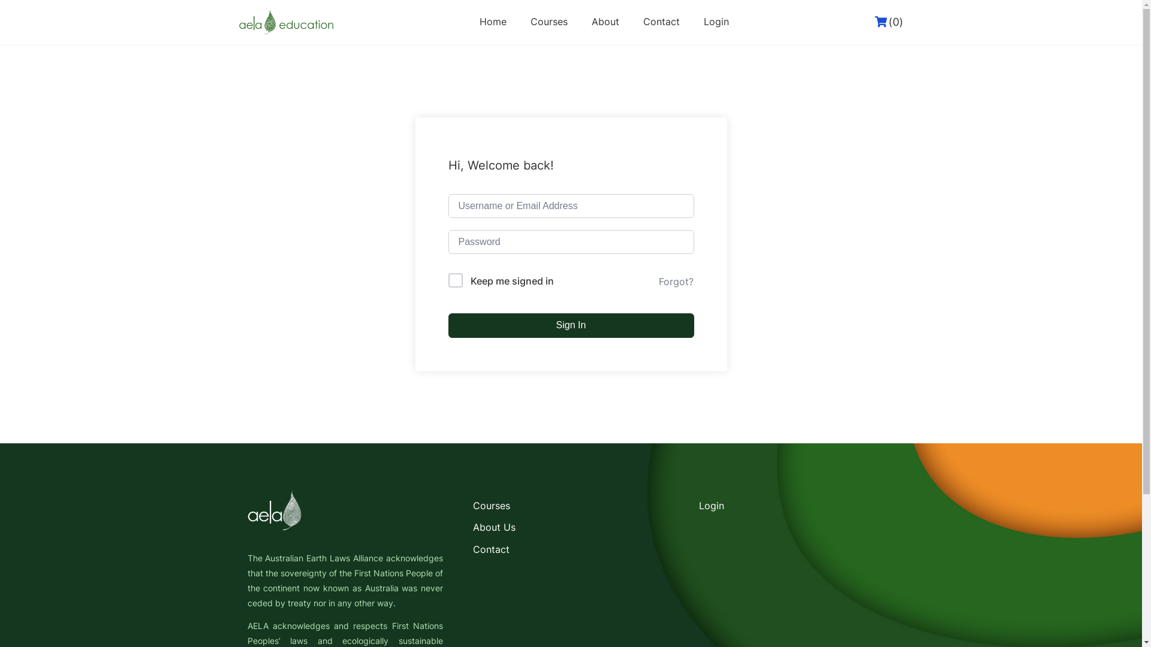 The image size is (1151, 647). Describe the element at coordinates (493, 22) in the screenshot. I see `'Home'` at that location.